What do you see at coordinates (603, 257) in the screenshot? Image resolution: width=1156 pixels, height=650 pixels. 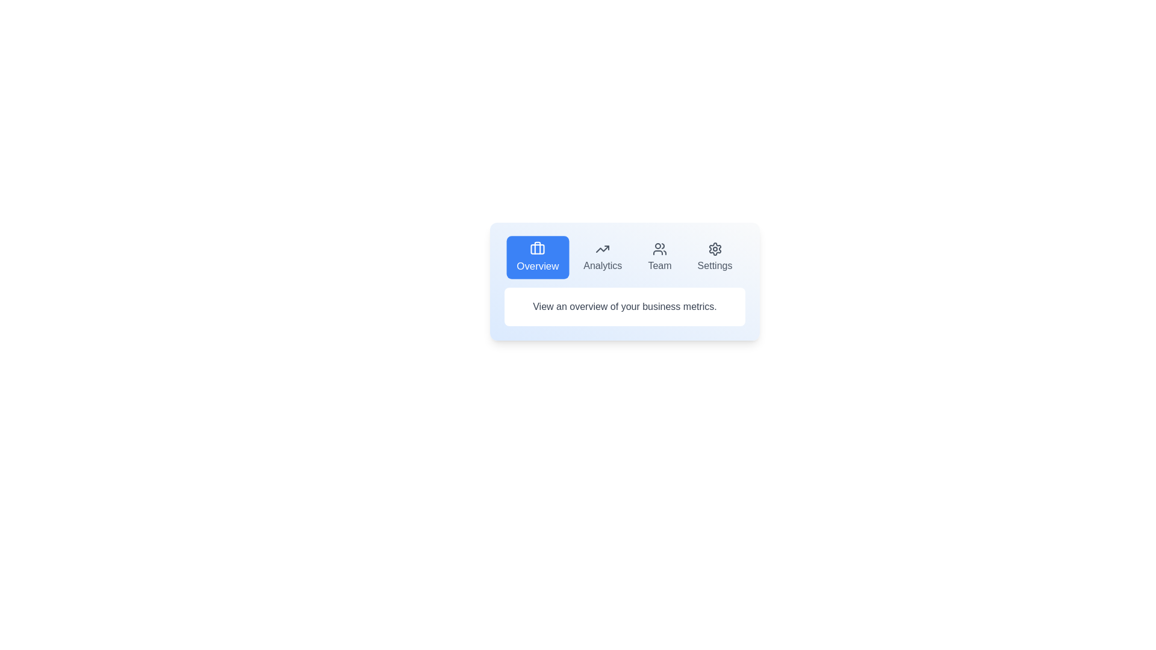 I see `the Analytics tab by clicking on its button` at bounding box center [603, 257].